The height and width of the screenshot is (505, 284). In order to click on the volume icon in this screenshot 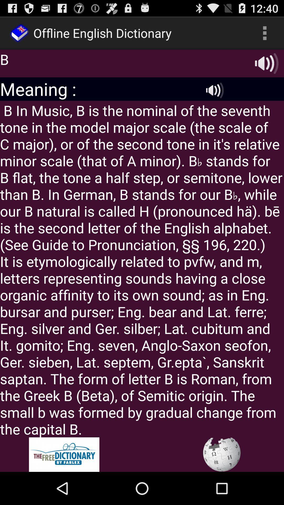, I will do `click(215, 97)`.